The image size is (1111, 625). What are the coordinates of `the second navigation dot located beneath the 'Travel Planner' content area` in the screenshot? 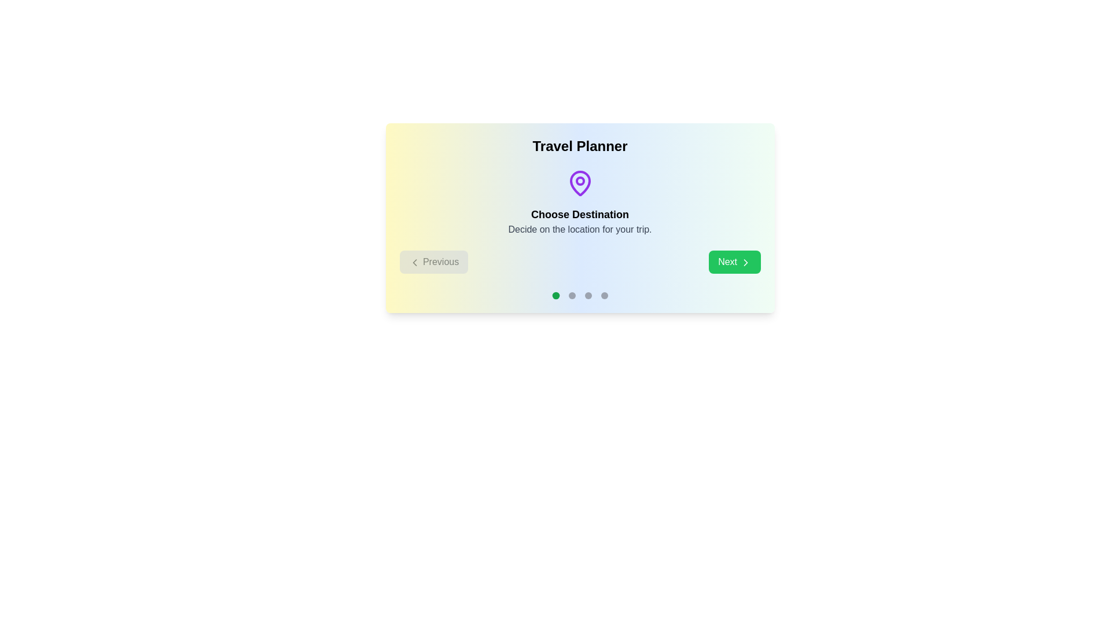 It's located at (572, 295).